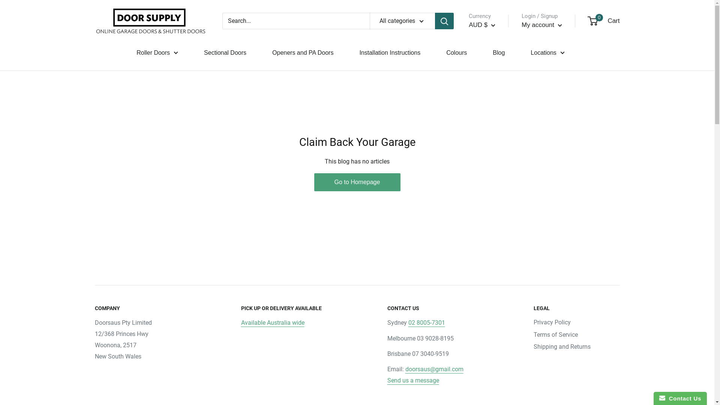 This screenshot has width=720, height=405. I want to click on 'My account', so click(541, 24).